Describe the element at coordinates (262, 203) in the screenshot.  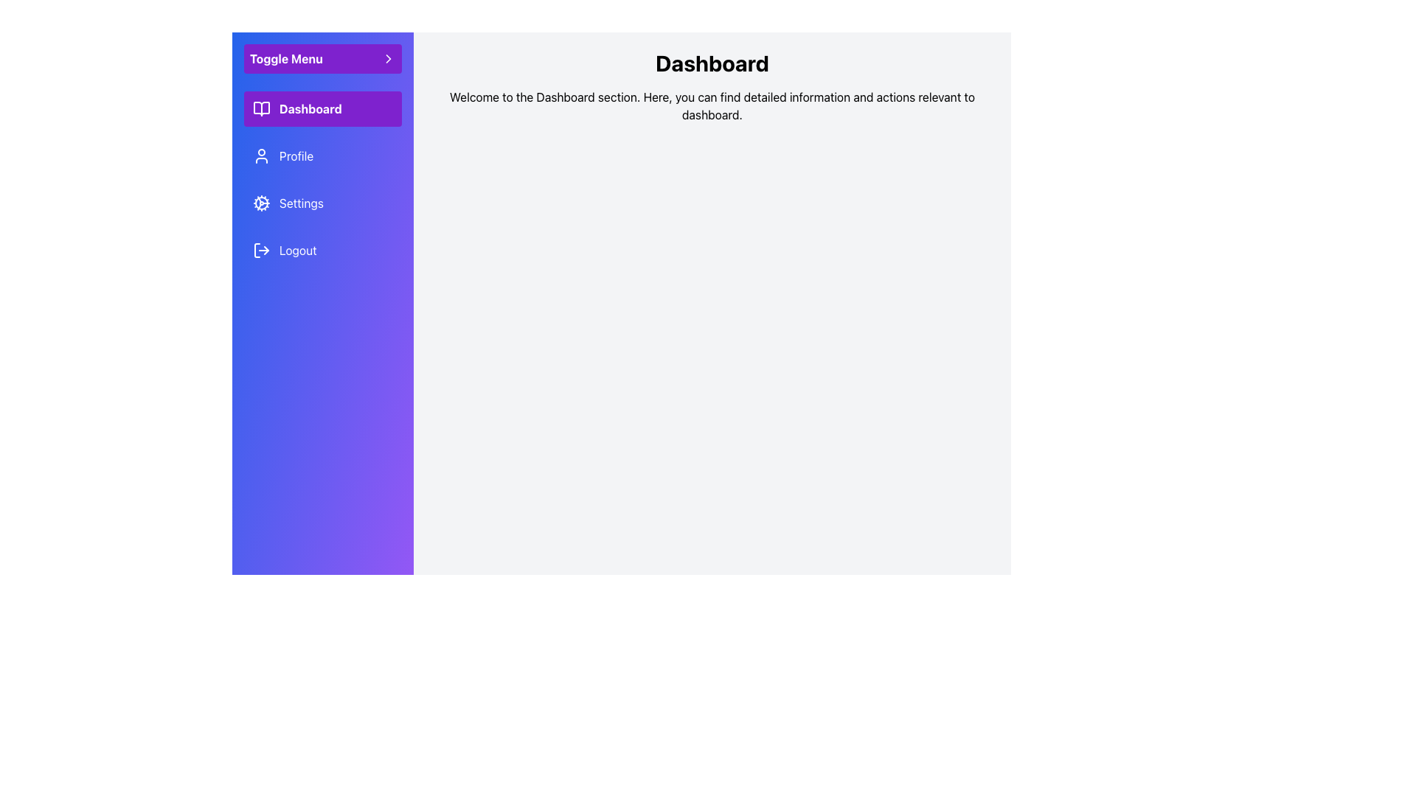
I see `the cog or gear icon located in the left sidebar next to the 'Settings' label` at that location.